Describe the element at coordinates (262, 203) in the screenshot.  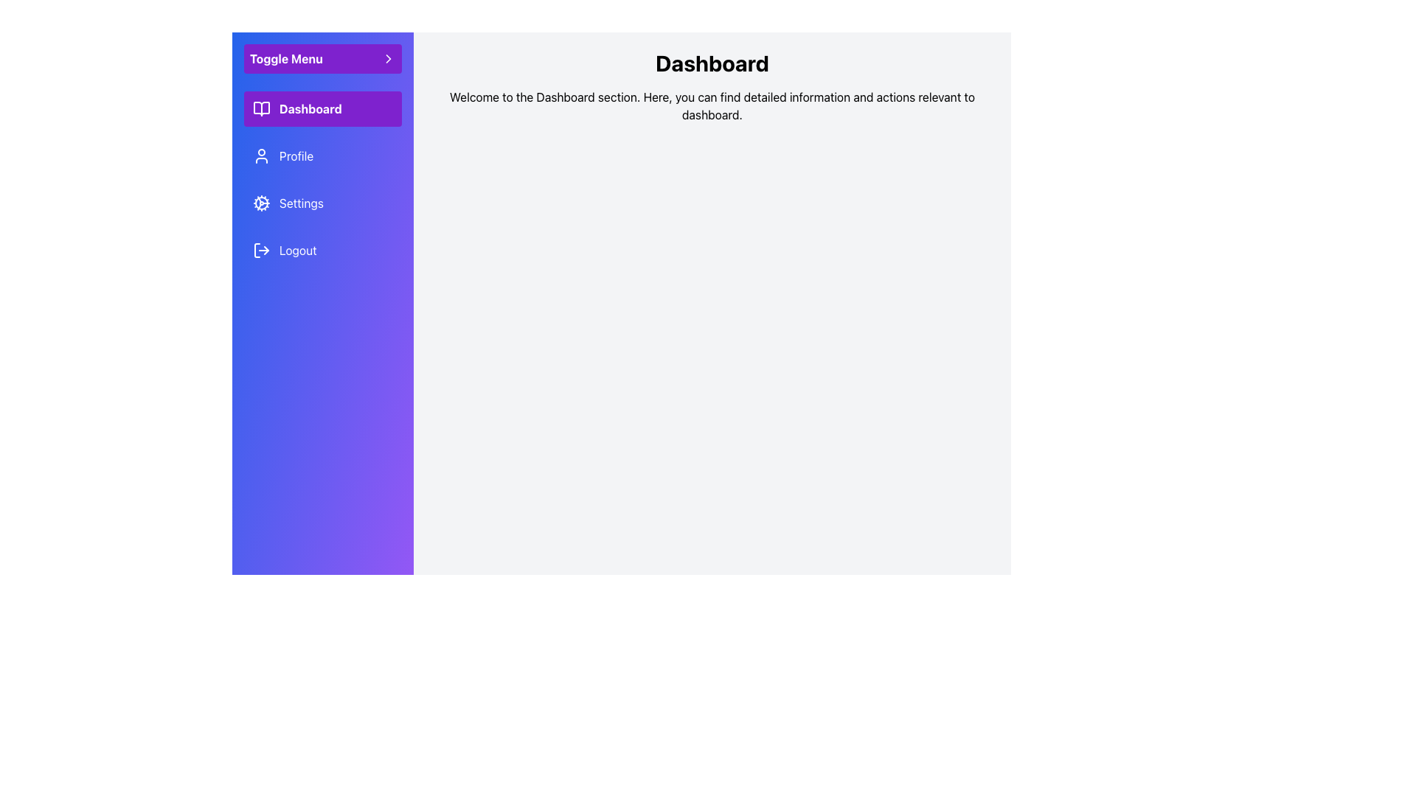
I see `the cog or gear icon located in the left sidebar next to the 'Settings' label` at that location.